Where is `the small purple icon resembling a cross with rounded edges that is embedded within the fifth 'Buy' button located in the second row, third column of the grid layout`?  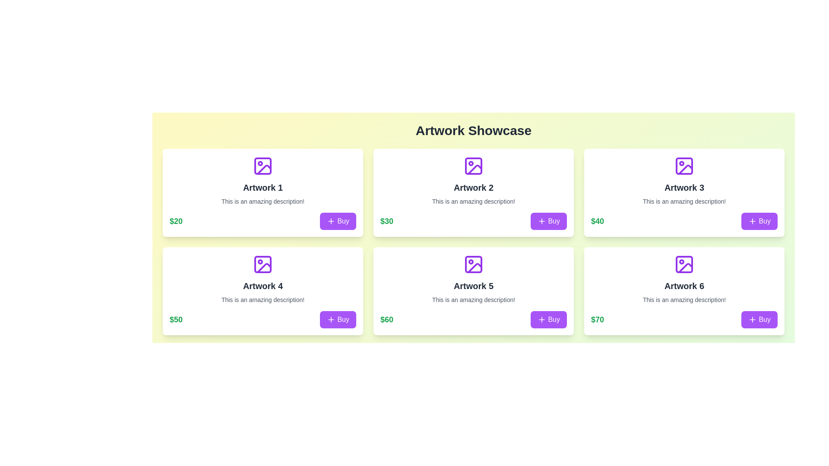 the small purple icon resembling a cross with rounded edges that is embedded within the fifth 'Buy' button located in the second row, third column of the grid layout is located at coordinates (541, 319).